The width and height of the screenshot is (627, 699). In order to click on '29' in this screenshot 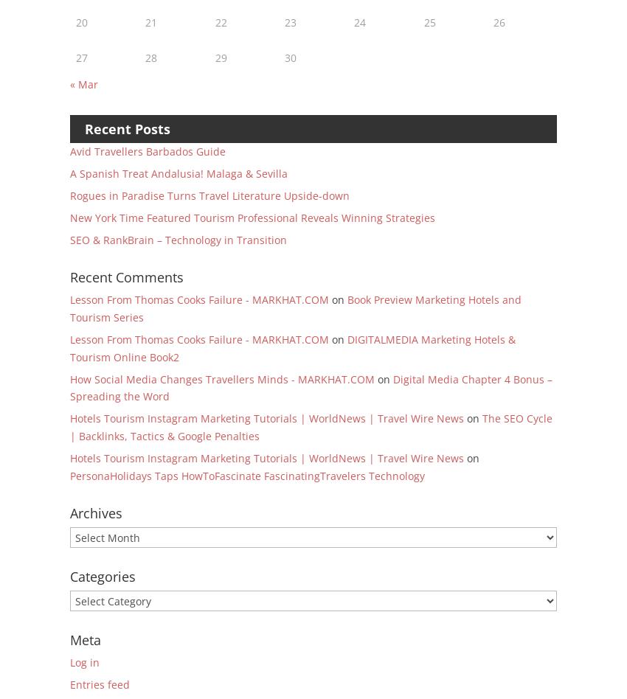, I will do `click(221, 57)`.